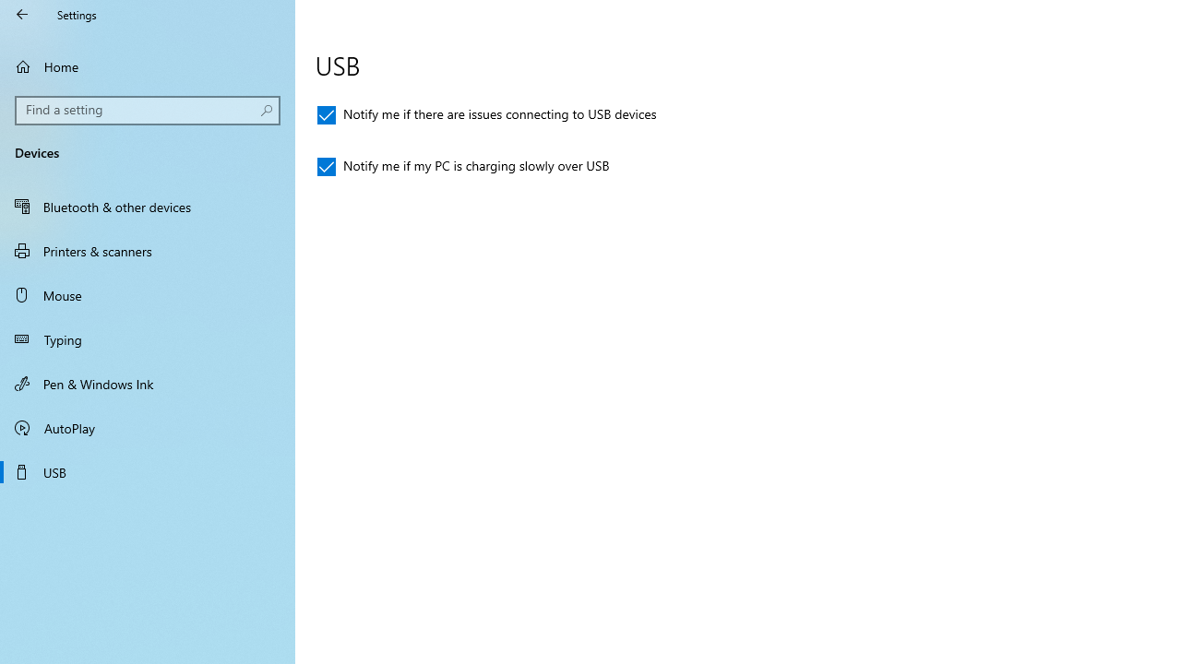 Image resolution: width=1181 pixels, height=664 pixels. What do you see at coordinates (22, 14) in the screenshot?
I see `'Back'` at bounding box center [22, 14].